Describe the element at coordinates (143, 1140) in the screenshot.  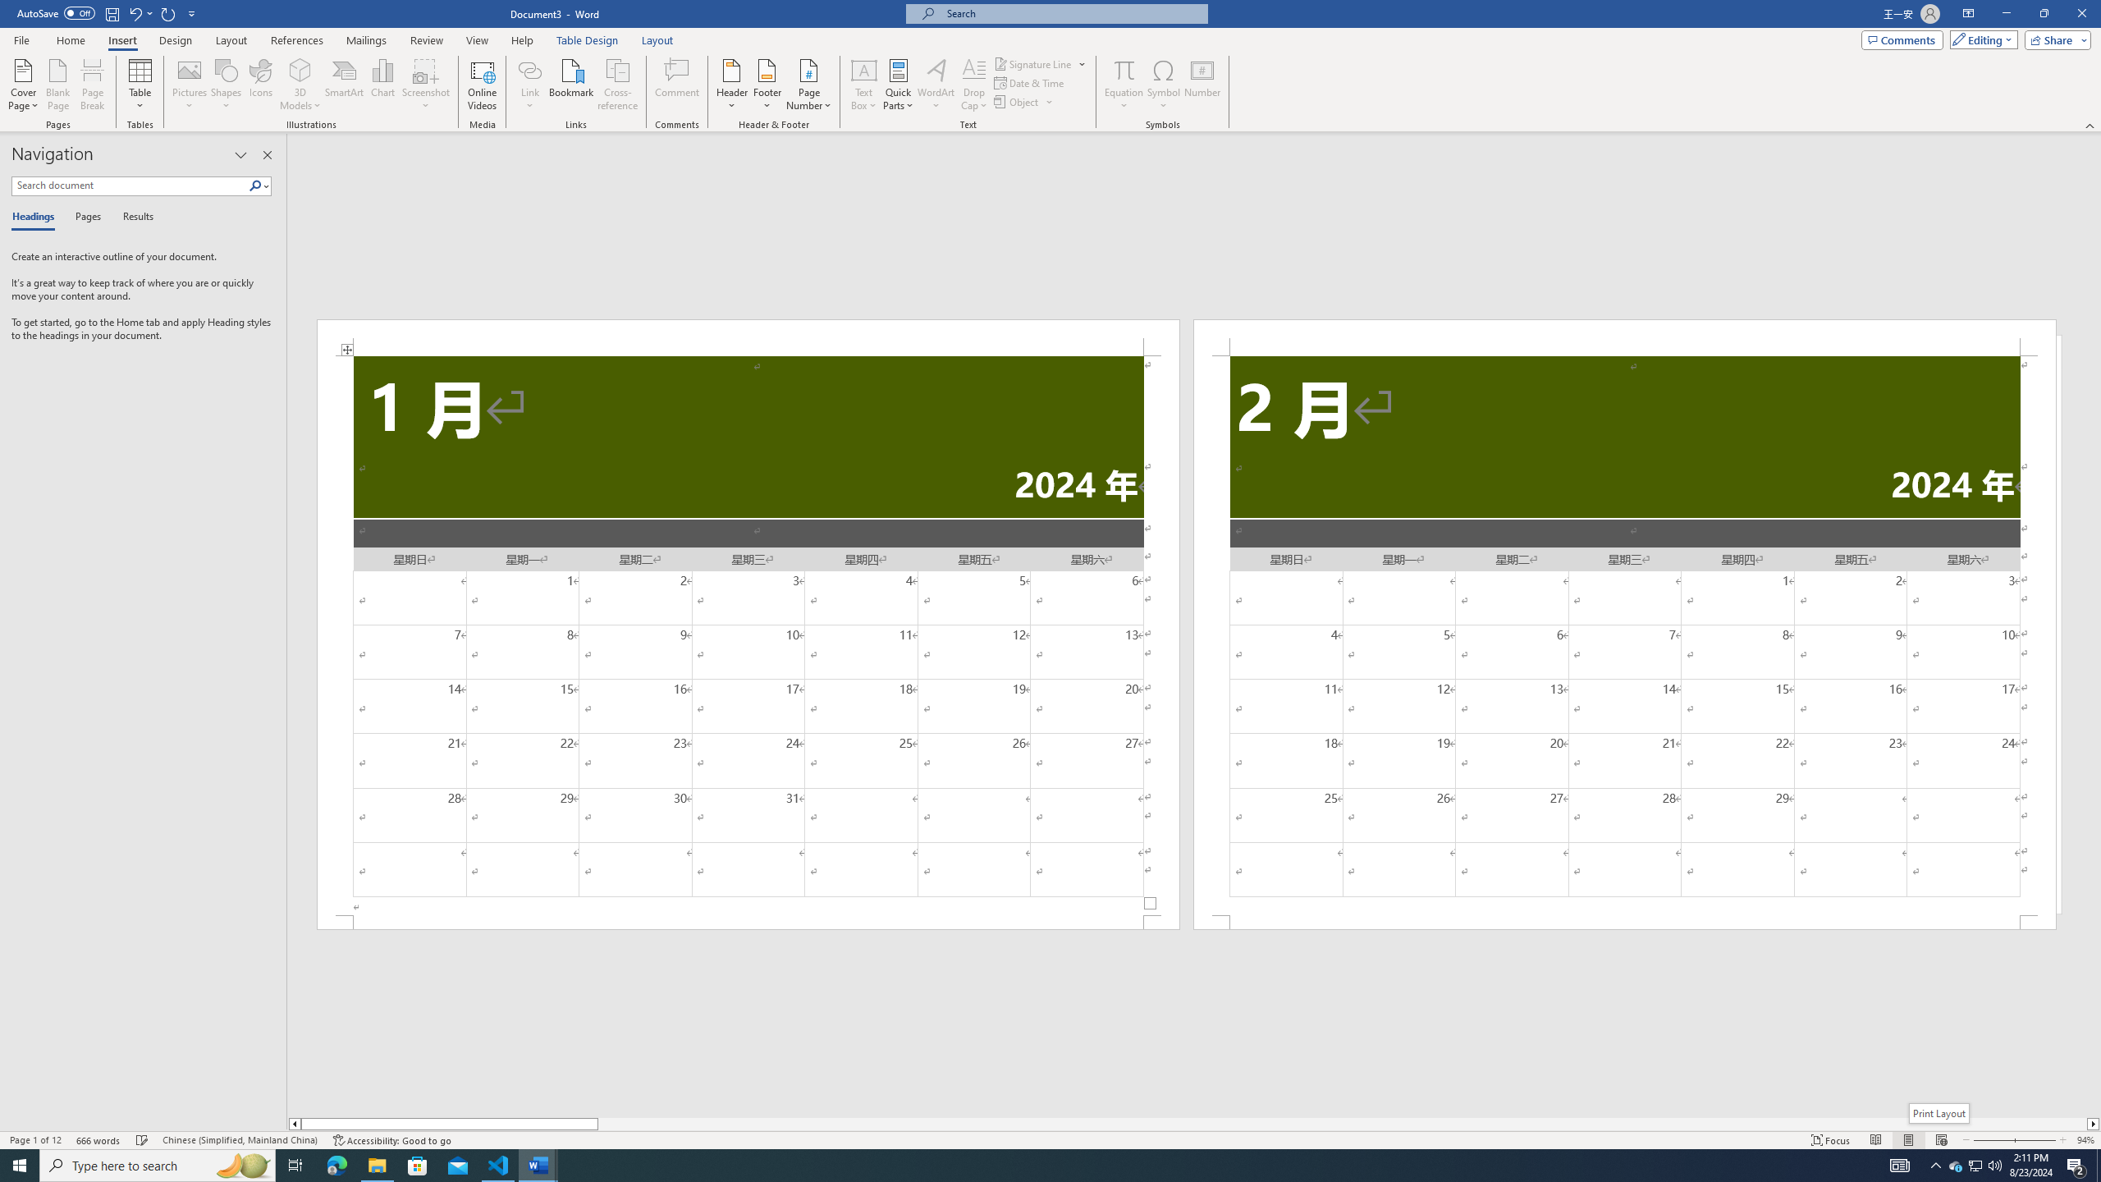
I see `'Spelling and Grammar Check Checking'` at that location.